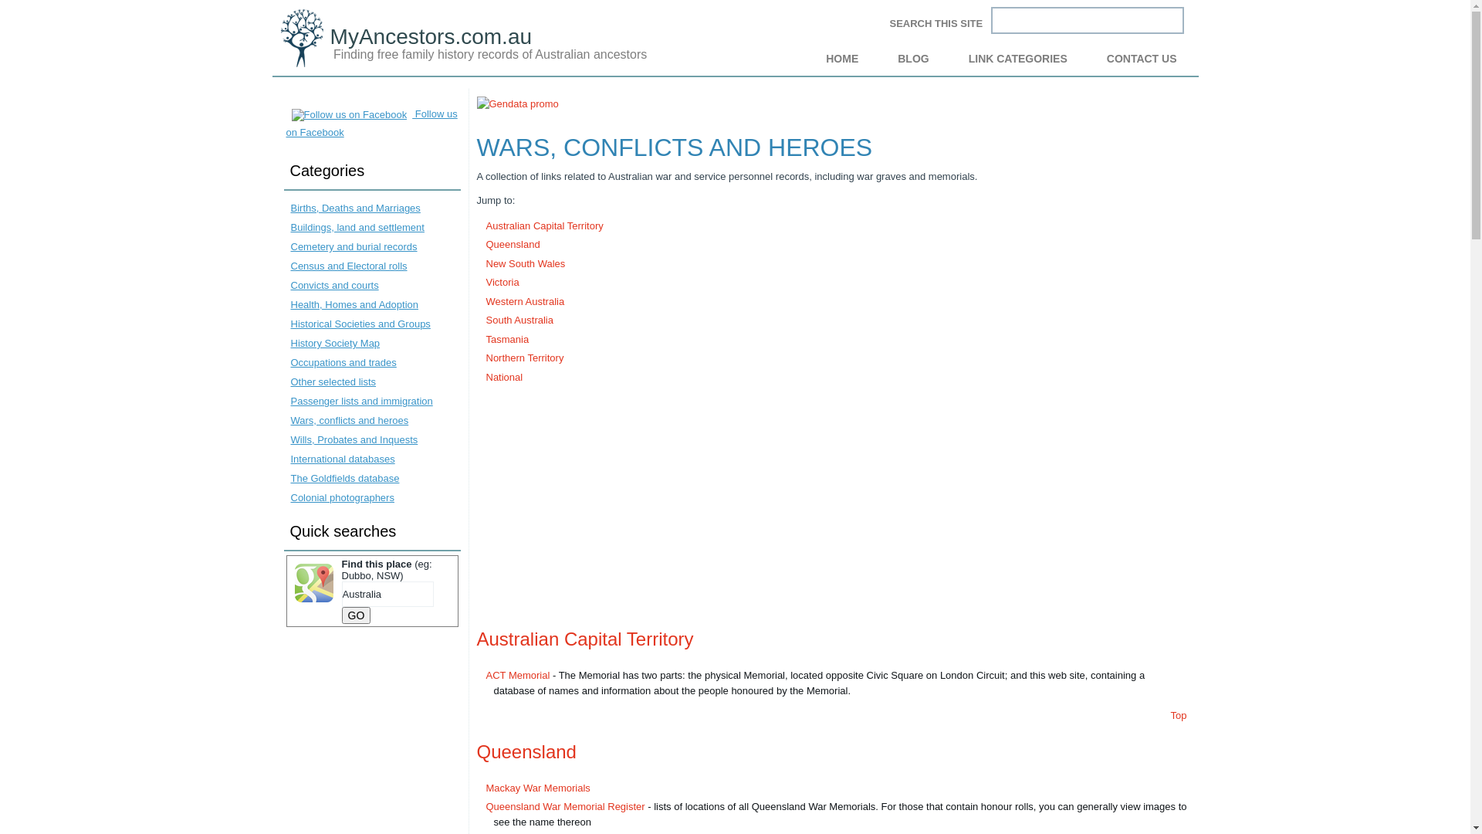  What do you see at coordinates (504, 376) in the screenshot?
I see `'National'` at bounding box center [504, 376].